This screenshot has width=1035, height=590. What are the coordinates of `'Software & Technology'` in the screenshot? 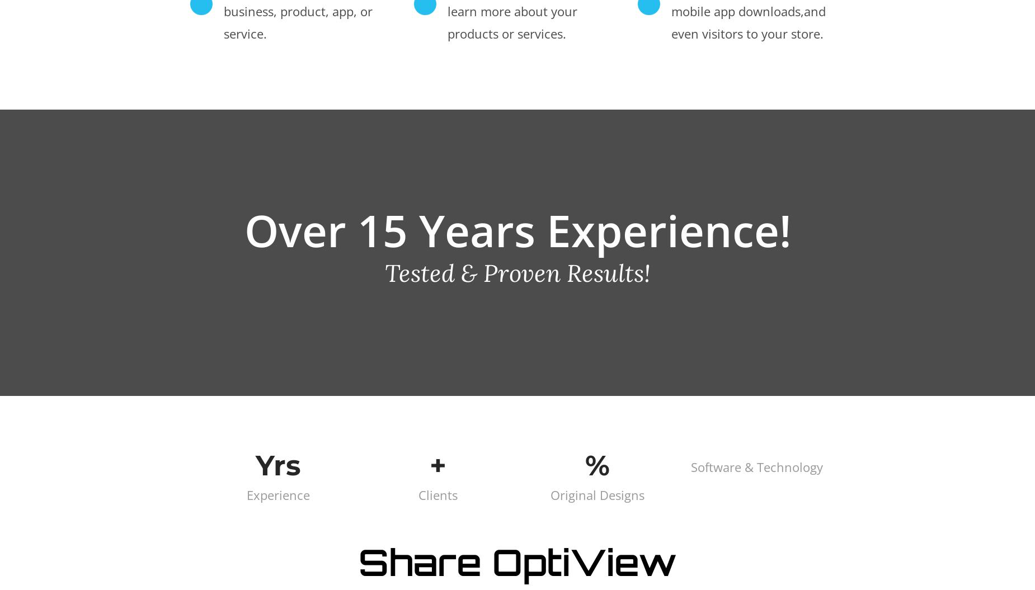 It's located at (689, 466).